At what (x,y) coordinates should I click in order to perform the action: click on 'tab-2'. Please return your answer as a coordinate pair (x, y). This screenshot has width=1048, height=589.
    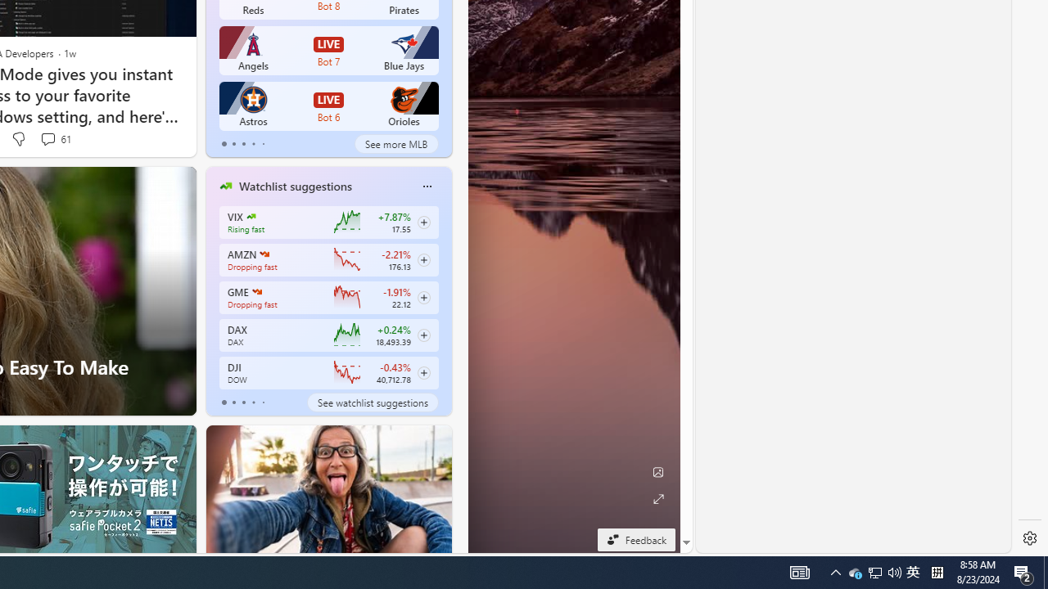
    Looking at the image, I should click on (242, 402).